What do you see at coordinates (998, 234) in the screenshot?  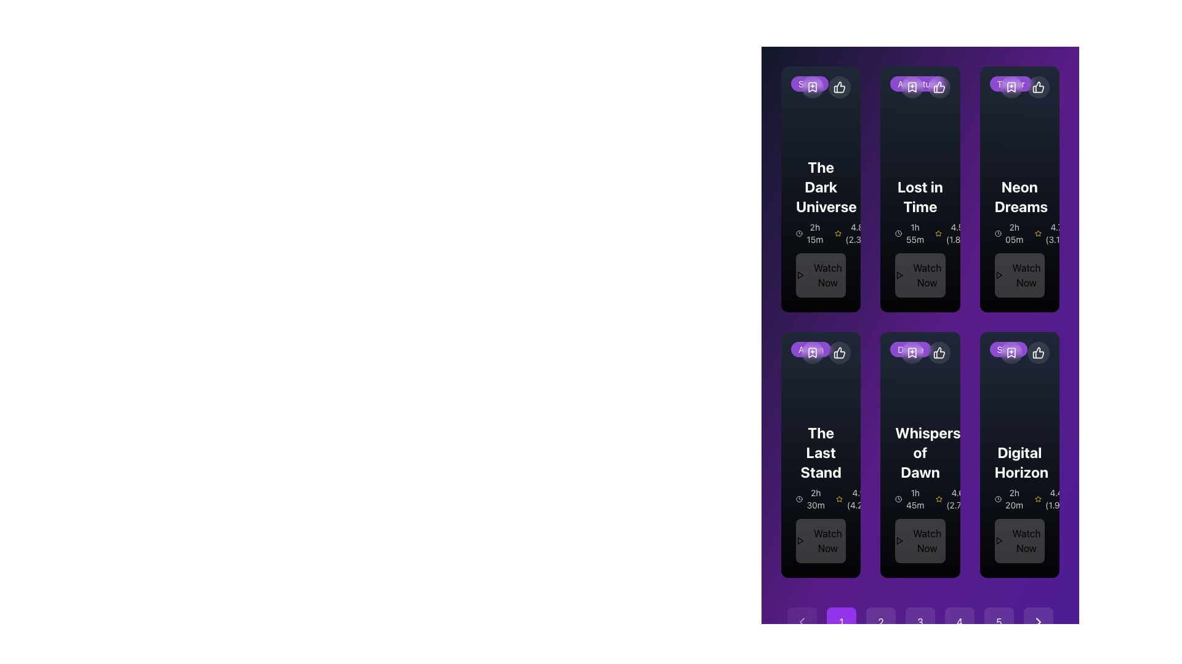 I see `the decorative icon located to the left of the text '2h 05m' within the movie details section for 'Neon Dreams', positioned in the third column of the first row of movie cards in the grid layout` at bounding box center [998, 234].